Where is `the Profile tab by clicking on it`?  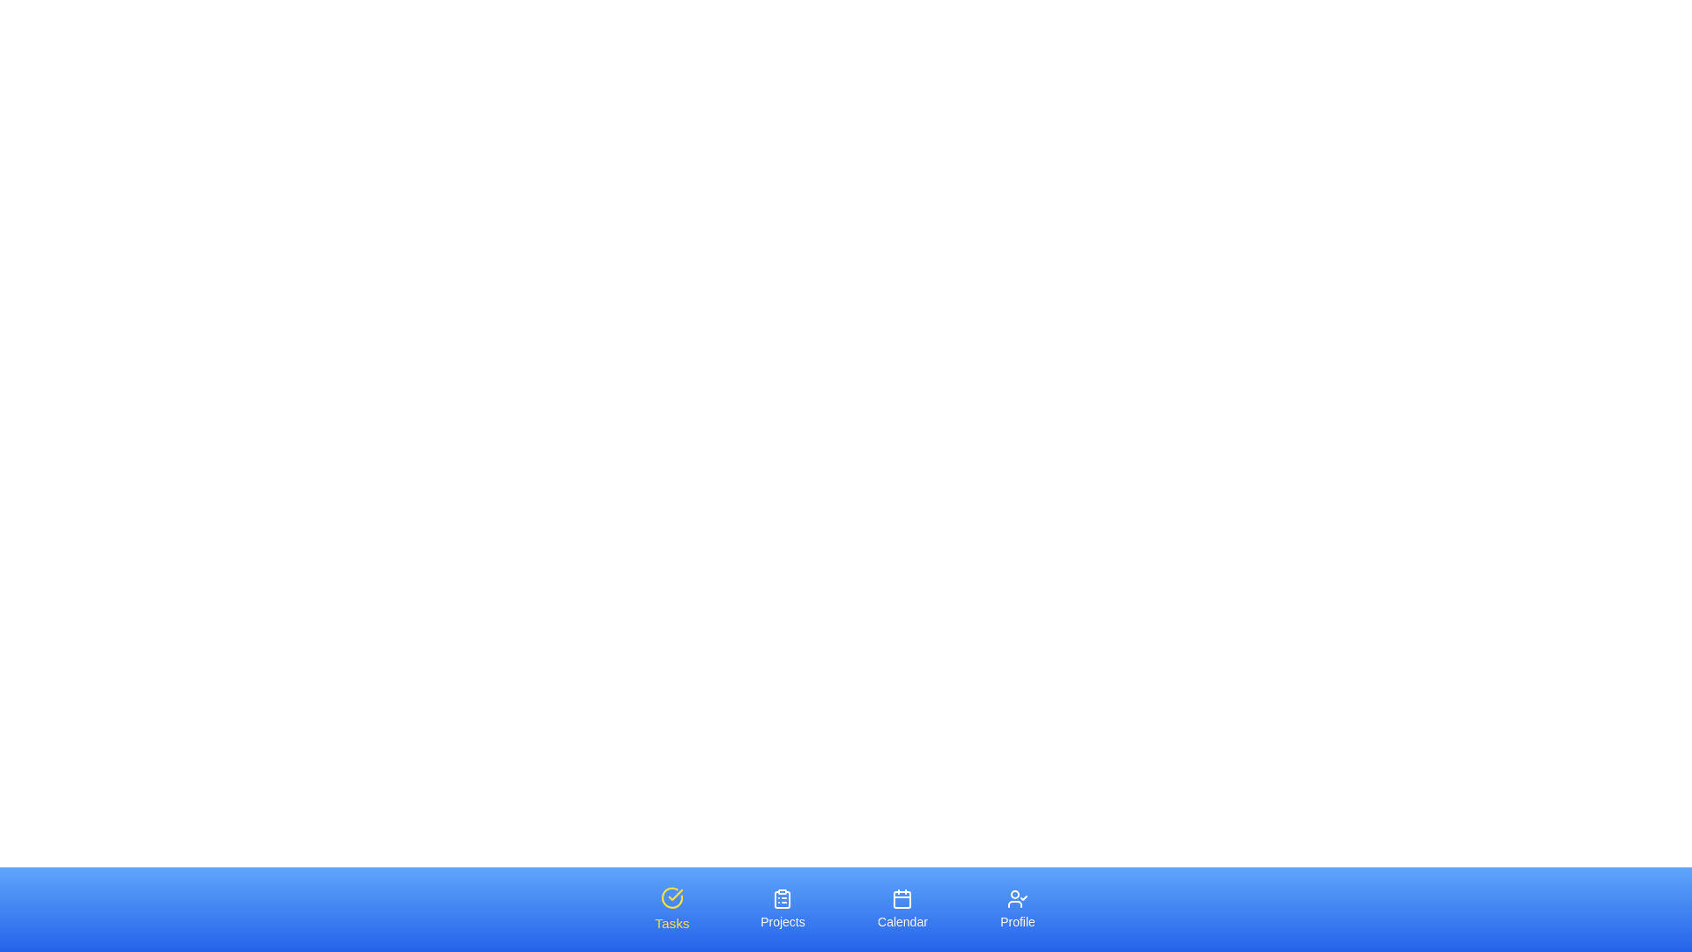 the Profile tab by clicking on it is located at coordinates (1018, 910).